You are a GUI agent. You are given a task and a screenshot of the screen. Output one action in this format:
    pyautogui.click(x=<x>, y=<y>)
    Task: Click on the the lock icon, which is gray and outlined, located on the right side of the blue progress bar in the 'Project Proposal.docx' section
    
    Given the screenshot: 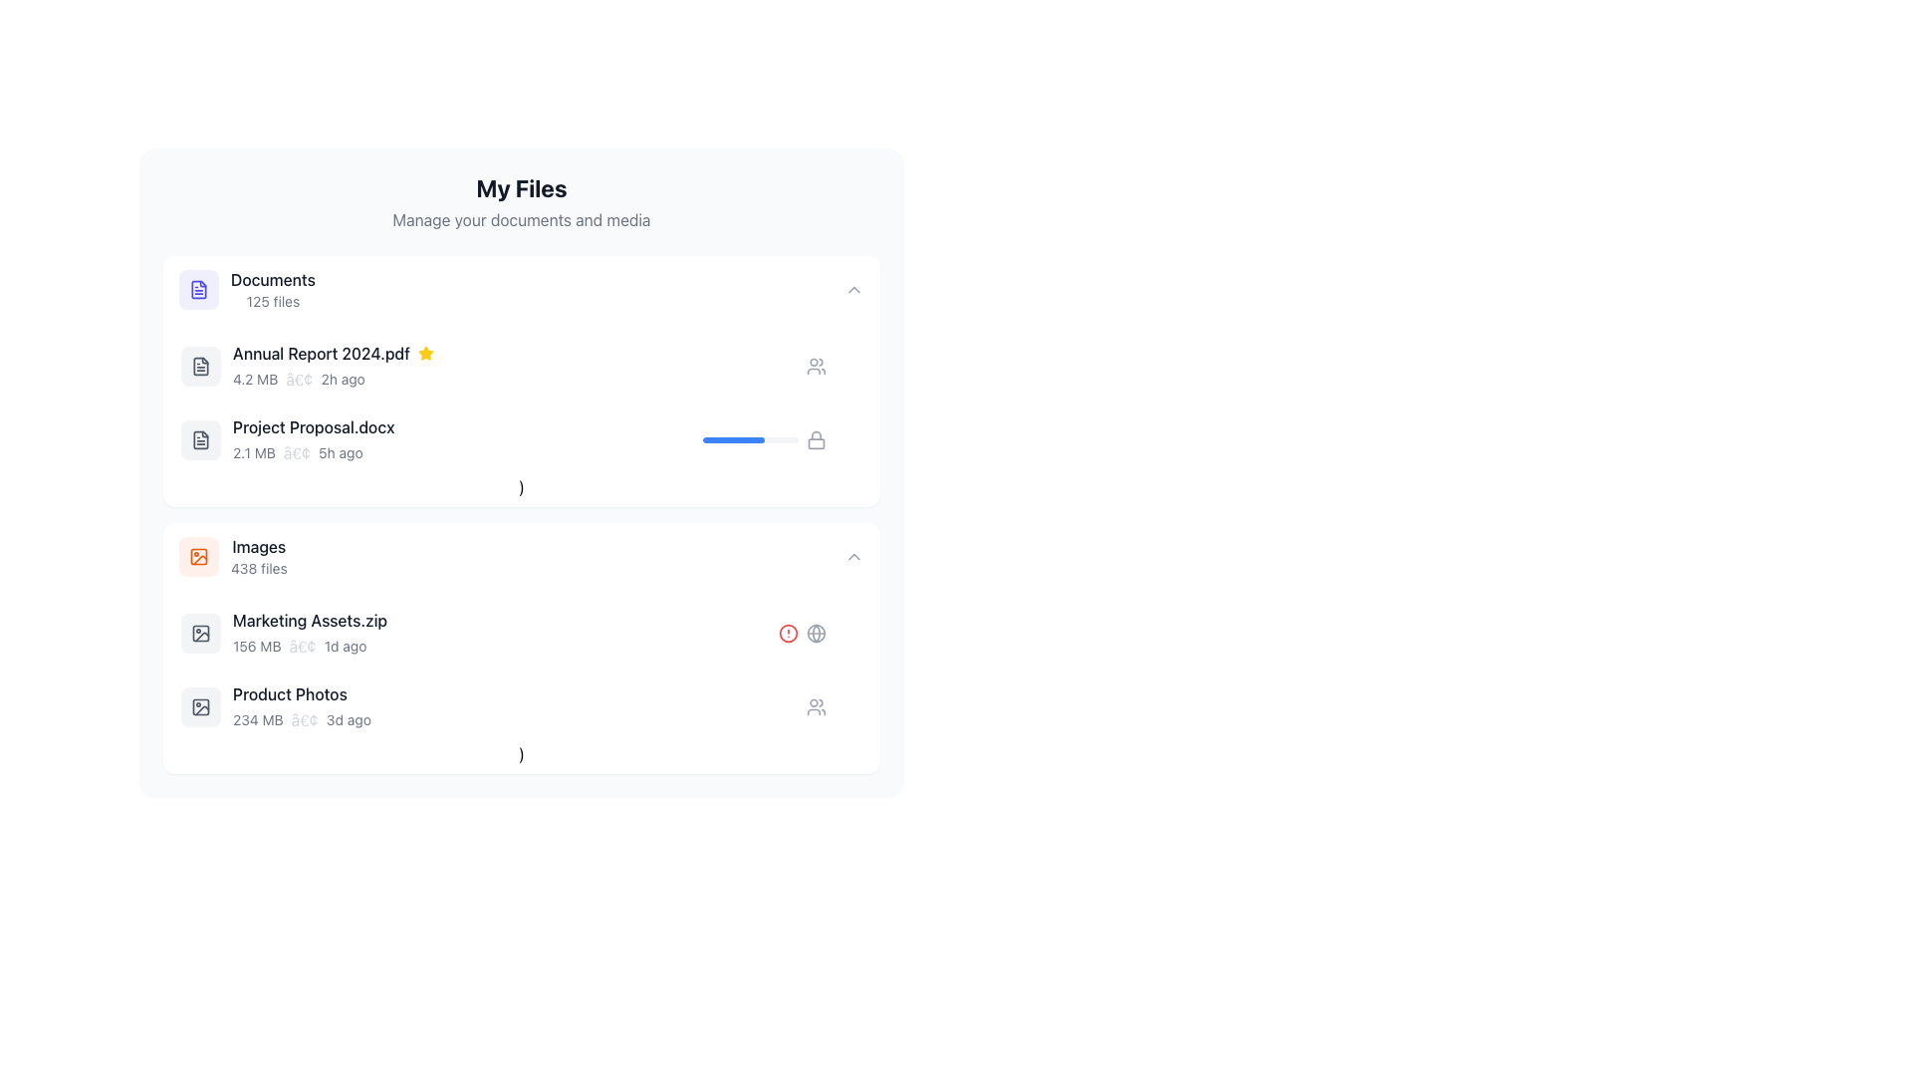 What is the action you would take?
    pyautogui.click(x=817, y=439)
    